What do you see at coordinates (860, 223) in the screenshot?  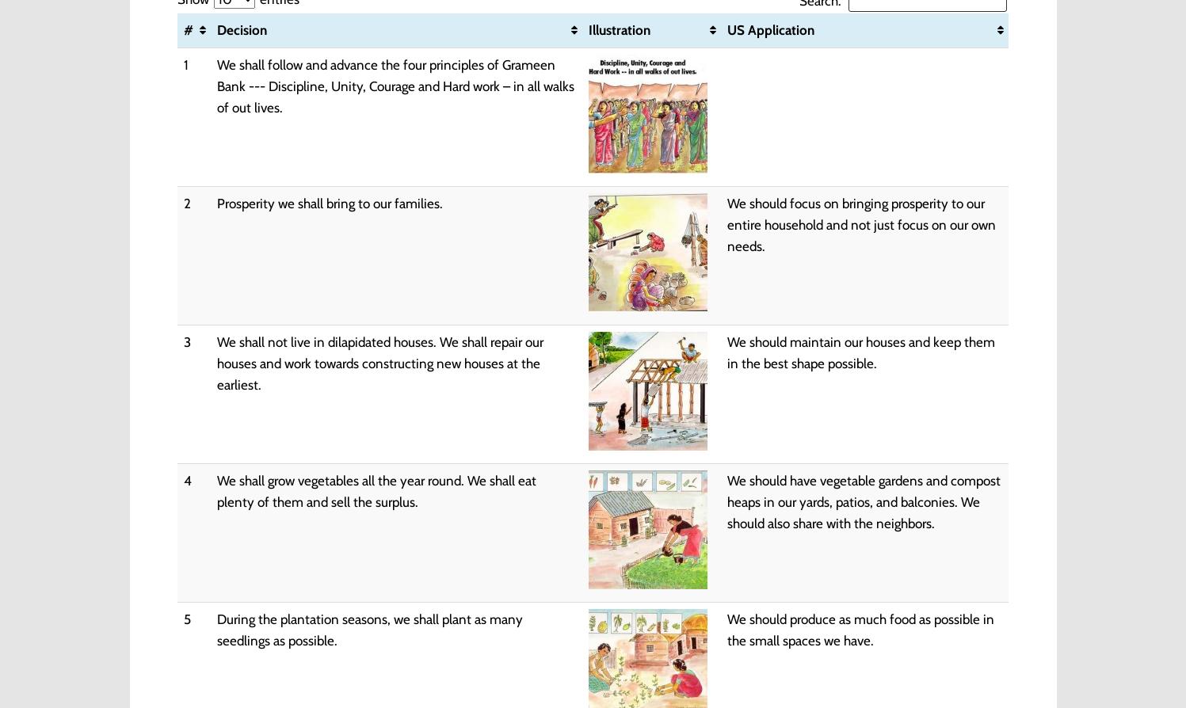 I see `'We should focus on bringing prosperity to our entire household and not just focus on our own needs.'` at bounding box center [860, 223].